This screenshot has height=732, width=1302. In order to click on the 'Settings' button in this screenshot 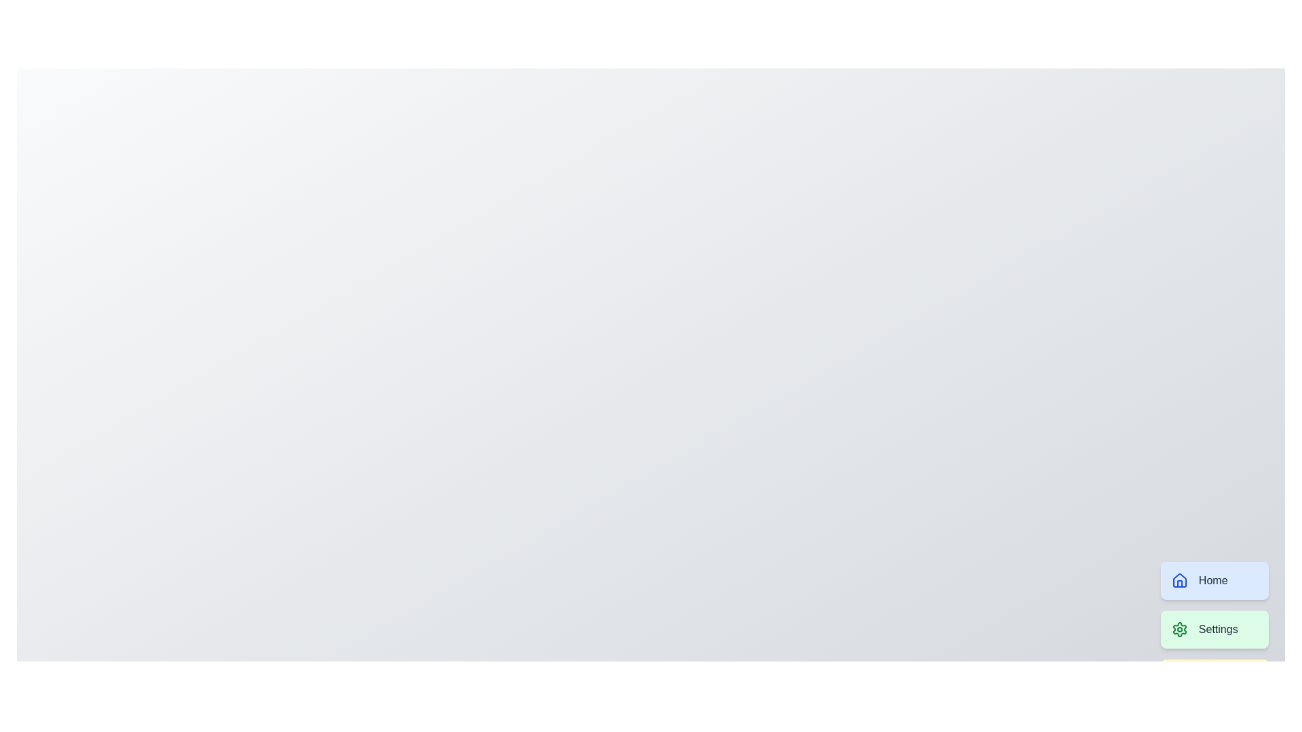, I will do `click(1214, 630)`.